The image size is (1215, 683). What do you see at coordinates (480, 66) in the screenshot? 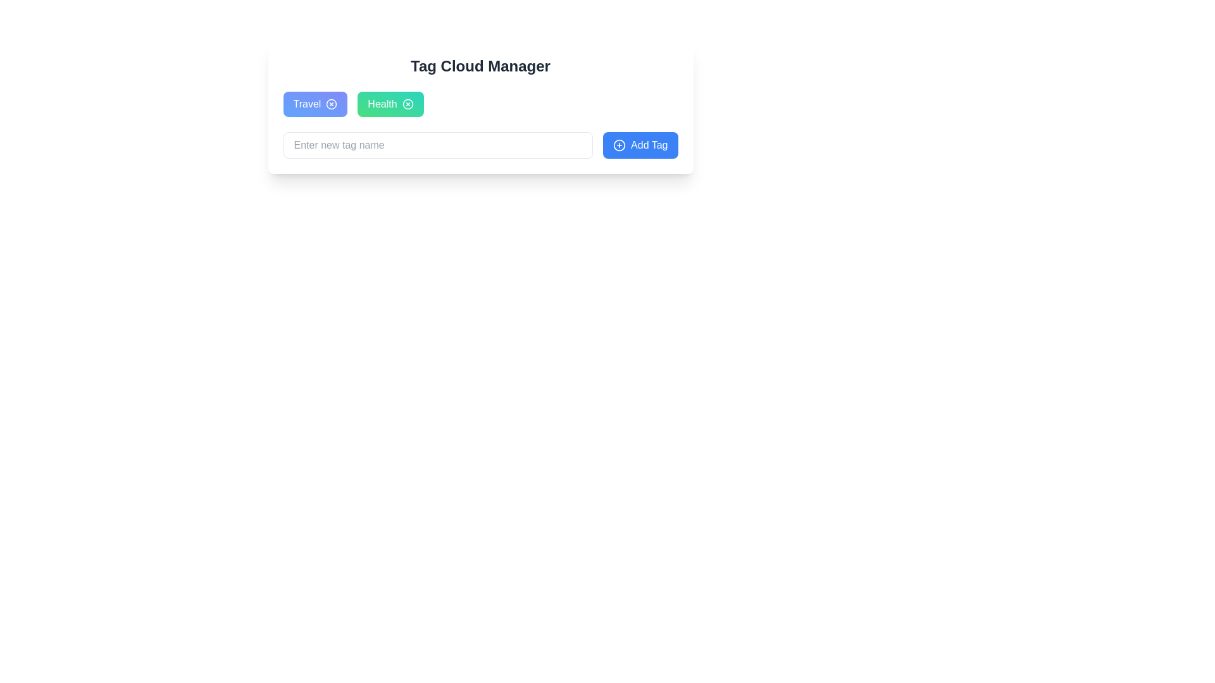
I see `the title text block that serves as a header for managing tags, positioned above the 'Travel' and 'Health' elements` at bounding box center [480, 66].